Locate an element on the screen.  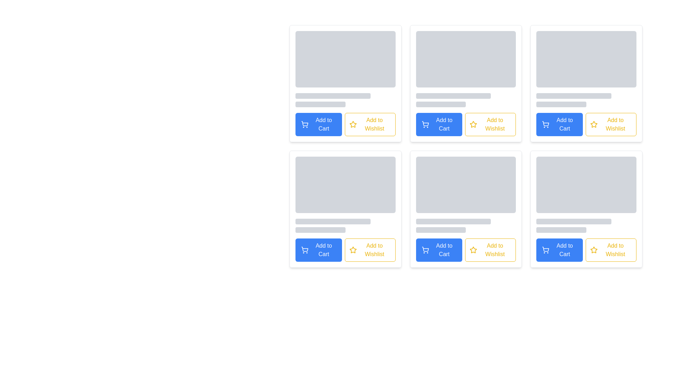
the star icon with a yellow outline inside the 'Add to Wishlist' button for tooltip or additional information is located at coordinates (473, 124).